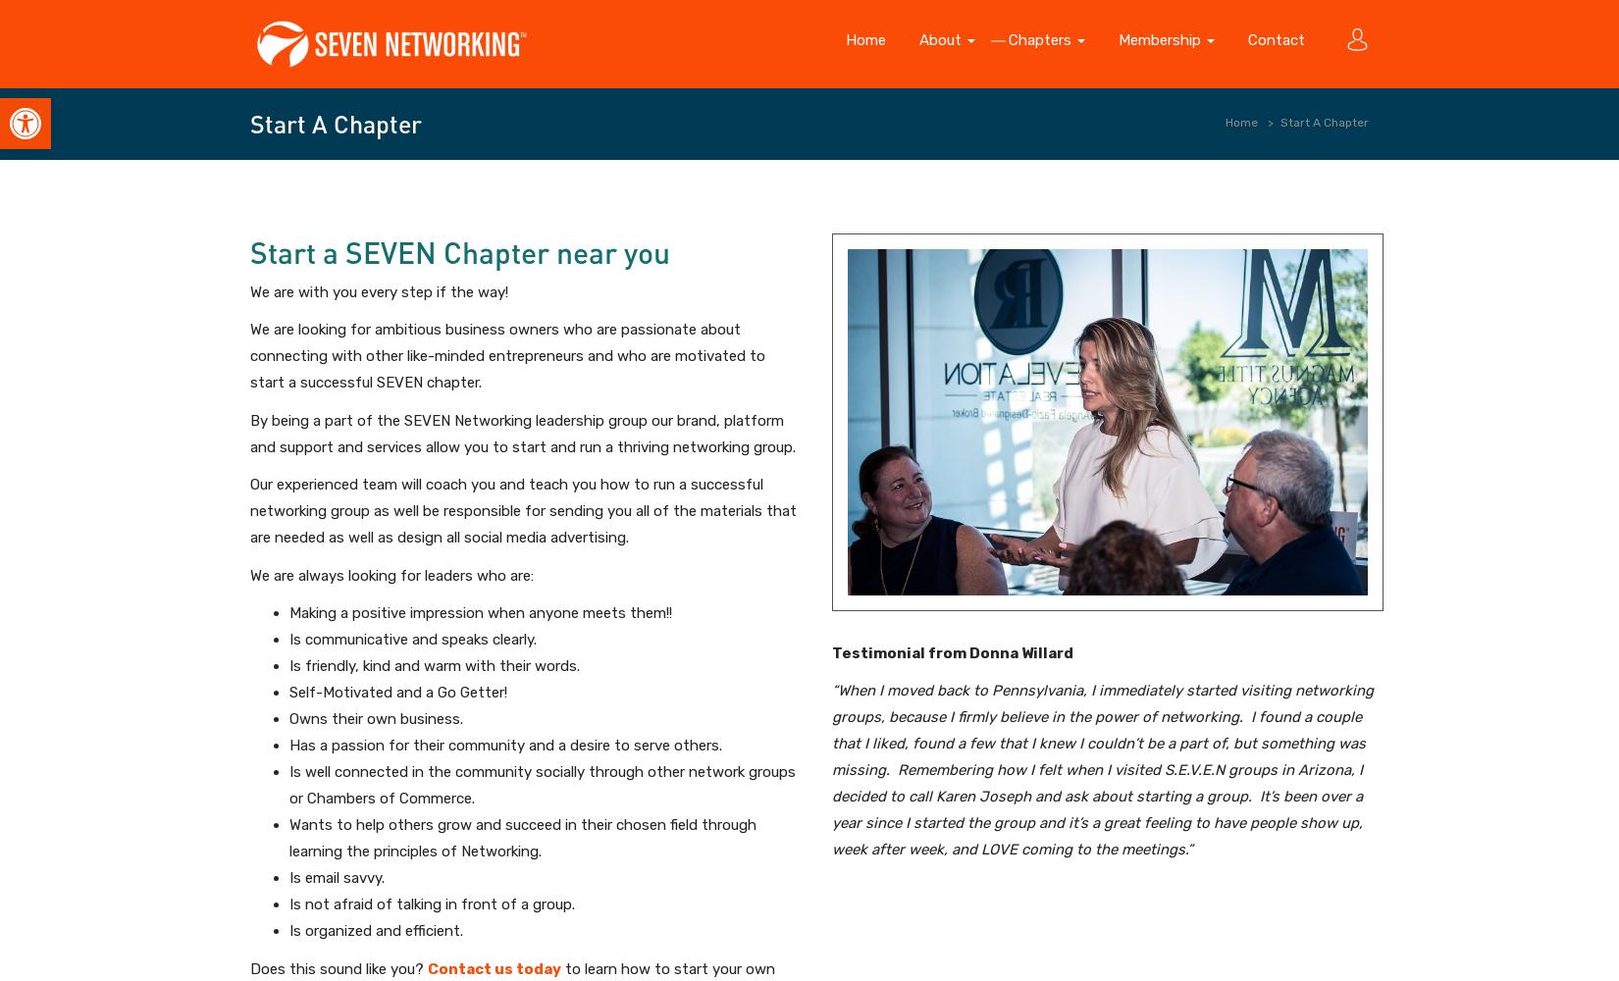 This screenshot has width=1619, height=981. I want to click on 'Contact', so click(1276, 40).